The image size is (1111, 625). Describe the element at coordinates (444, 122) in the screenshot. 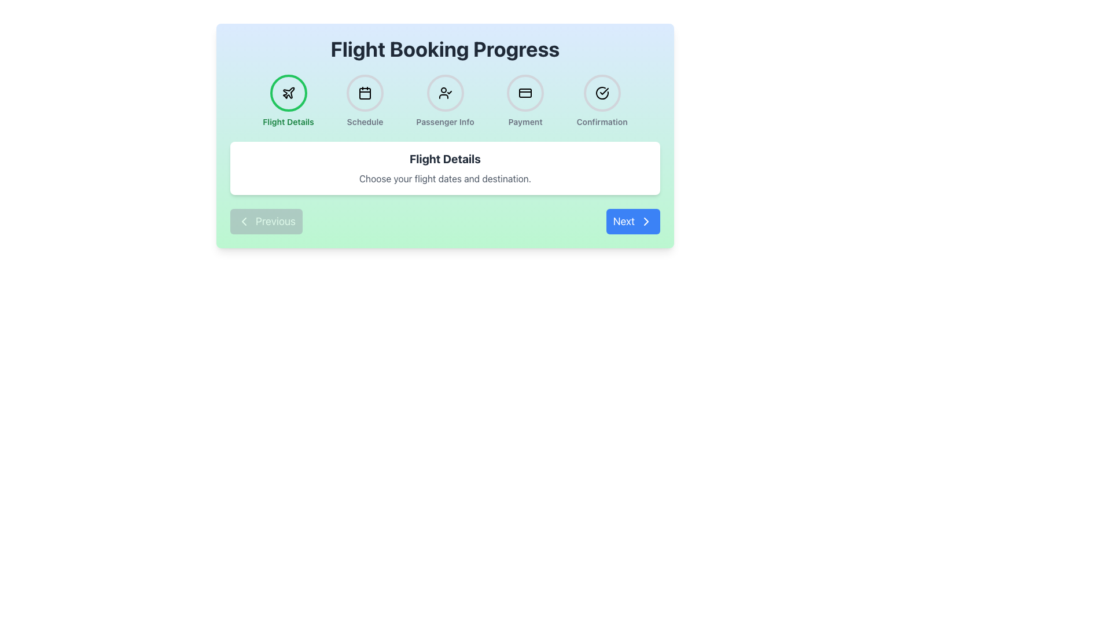

I see `the 'Passenger Info' text label, which is styled in bold, light gray font and positioned below a user icon with a checkmark, as part of a navigation sequence` at that location.